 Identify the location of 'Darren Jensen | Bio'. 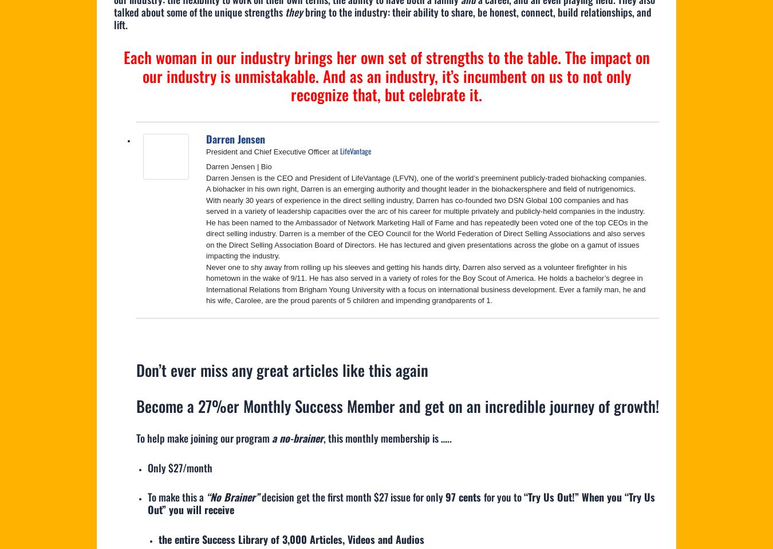
(239, 166).